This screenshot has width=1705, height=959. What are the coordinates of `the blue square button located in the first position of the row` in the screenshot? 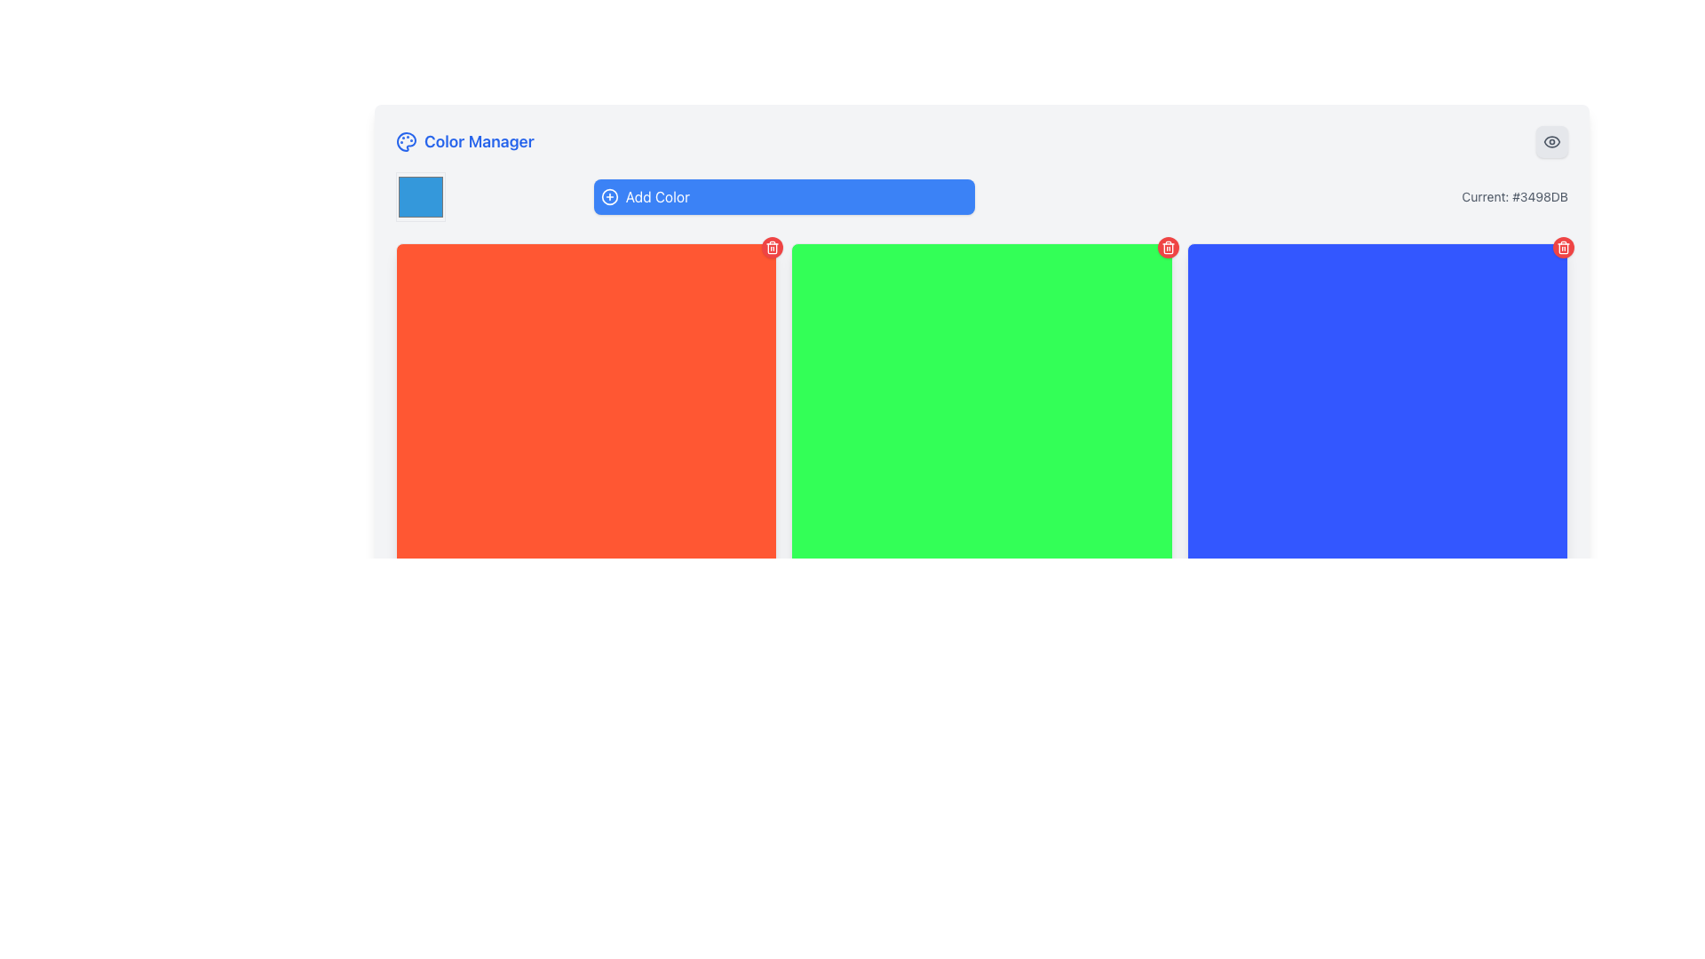 It's located at (420, 197).